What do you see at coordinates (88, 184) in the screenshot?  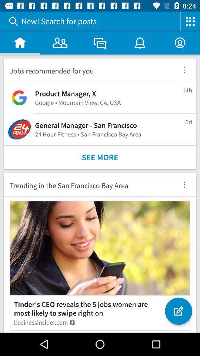 I see `the trending in the item` at bounding box center [88, 184].